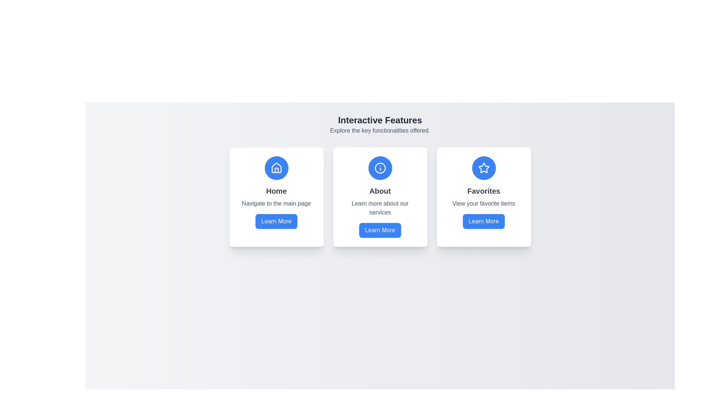 The image size is (711, 400). Describe the element at coordinates (380, 230) in the screenshot. I see `the blue rounded rectangle button labeled 'Learn More' located at the bottom center of the middle card` at that location.